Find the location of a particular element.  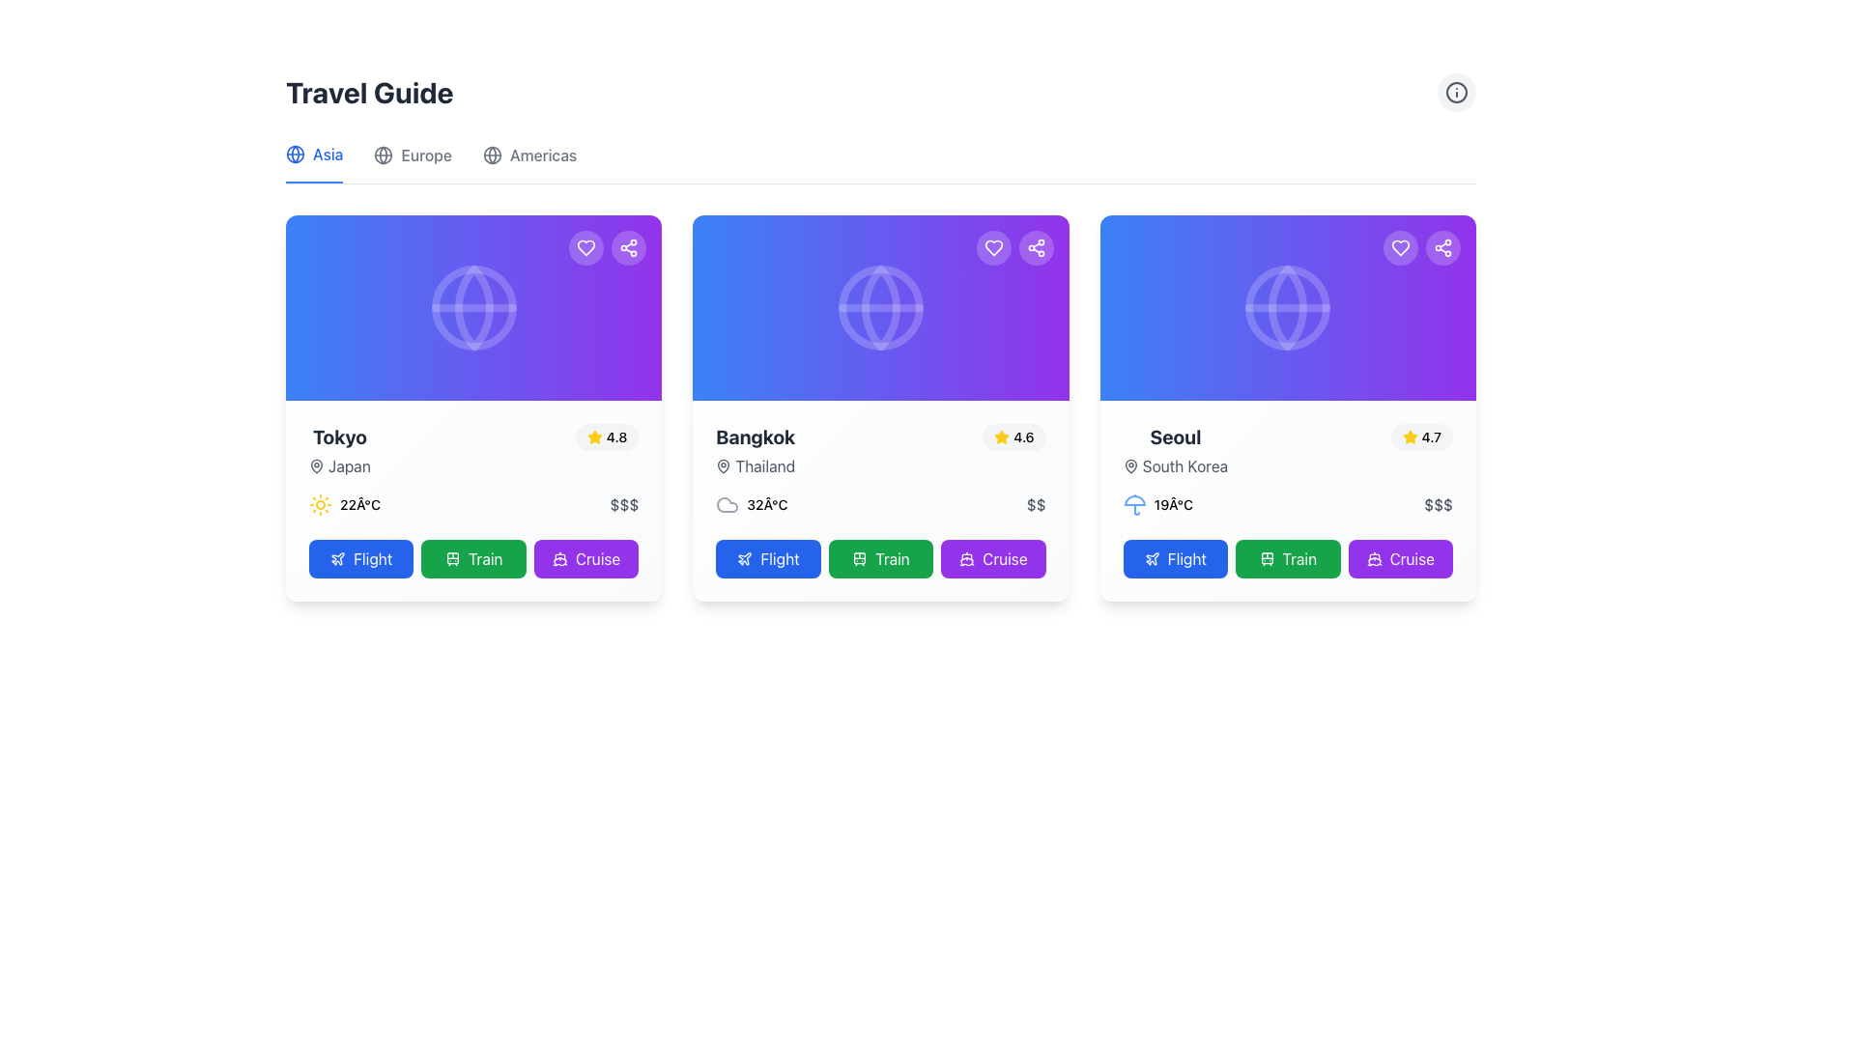

displayed temperature and cost indicators from the composite weather information element for Seoul, South Korea, located below the main city name and above the row of buttons is located at coordinates (1288, 504).